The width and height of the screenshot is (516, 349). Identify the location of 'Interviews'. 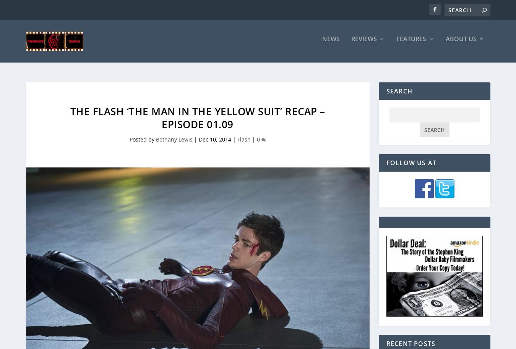
(399, 111).